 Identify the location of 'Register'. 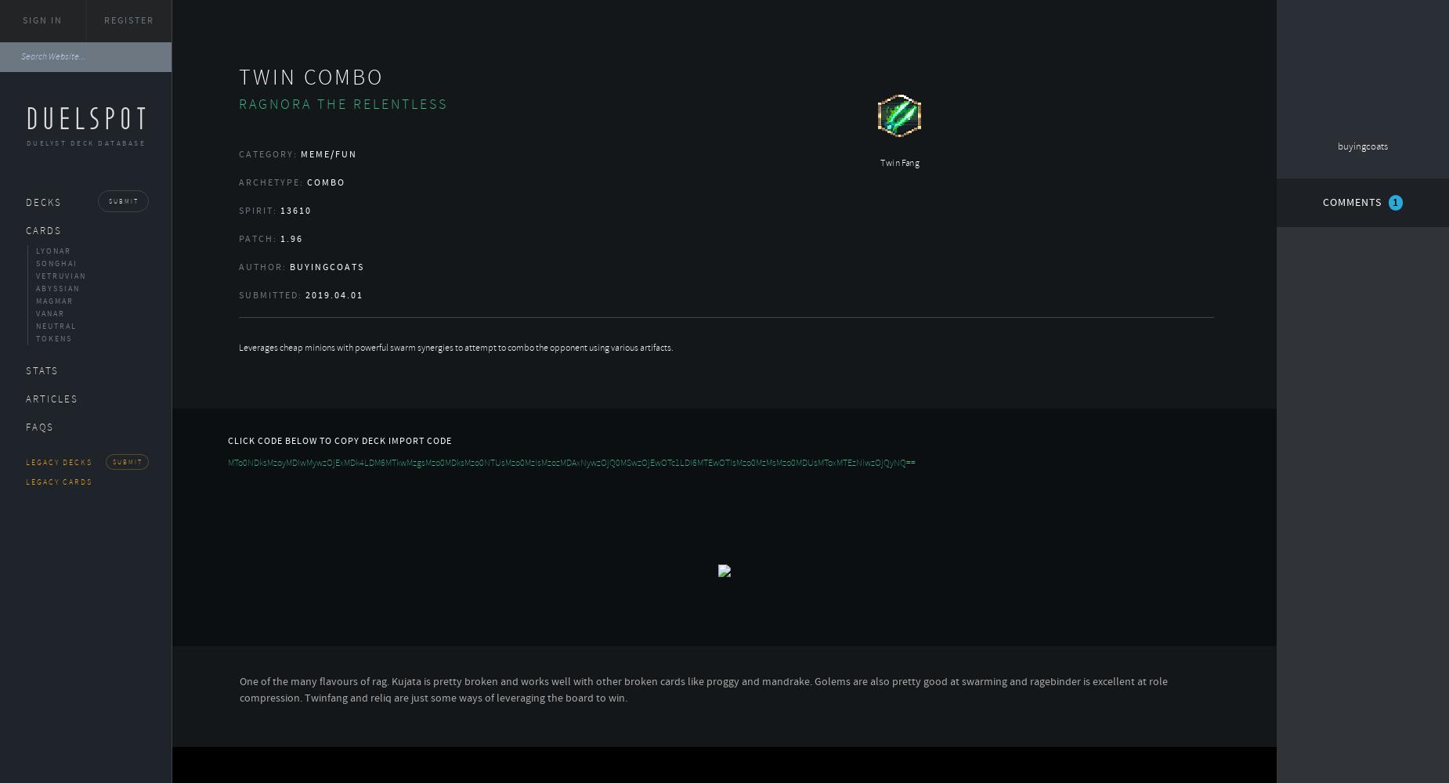
(127, 21).